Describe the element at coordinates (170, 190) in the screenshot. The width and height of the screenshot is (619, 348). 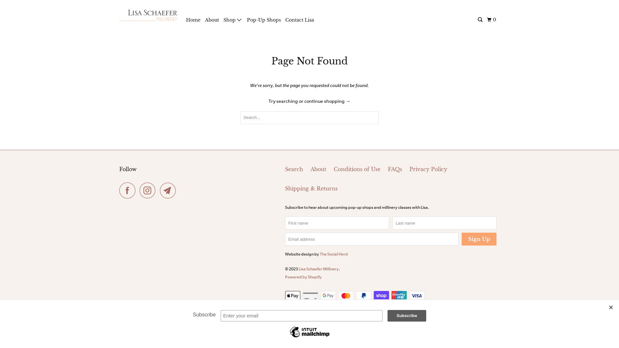
I see `'Email Lisa Schaefer Millinery'` at that location.